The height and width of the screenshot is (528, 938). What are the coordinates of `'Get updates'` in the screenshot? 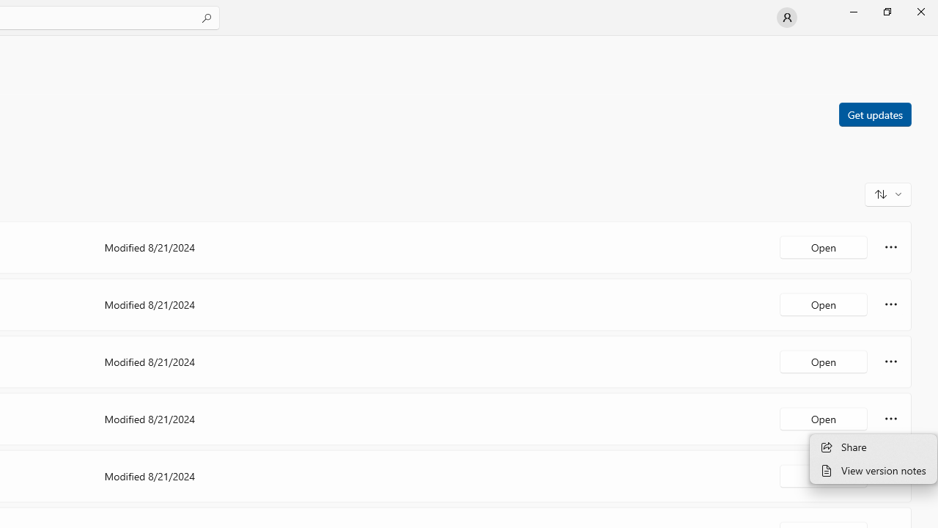 It's located at (874, 113).